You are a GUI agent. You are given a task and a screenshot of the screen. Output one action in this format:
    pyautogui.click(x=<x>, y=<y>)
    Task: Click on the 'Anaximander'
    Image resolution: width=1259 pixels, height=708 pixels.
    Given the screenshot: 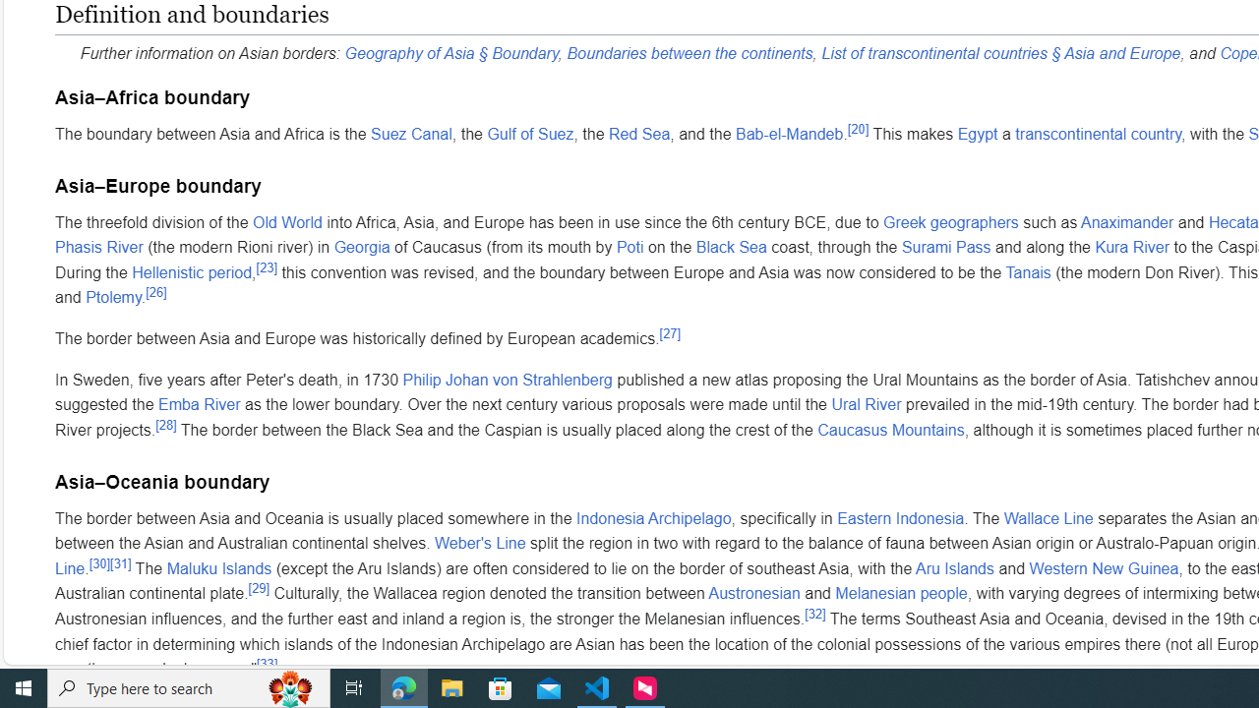 What is the action you would take?
    pyautogui.click(x=1127, y=221)
    